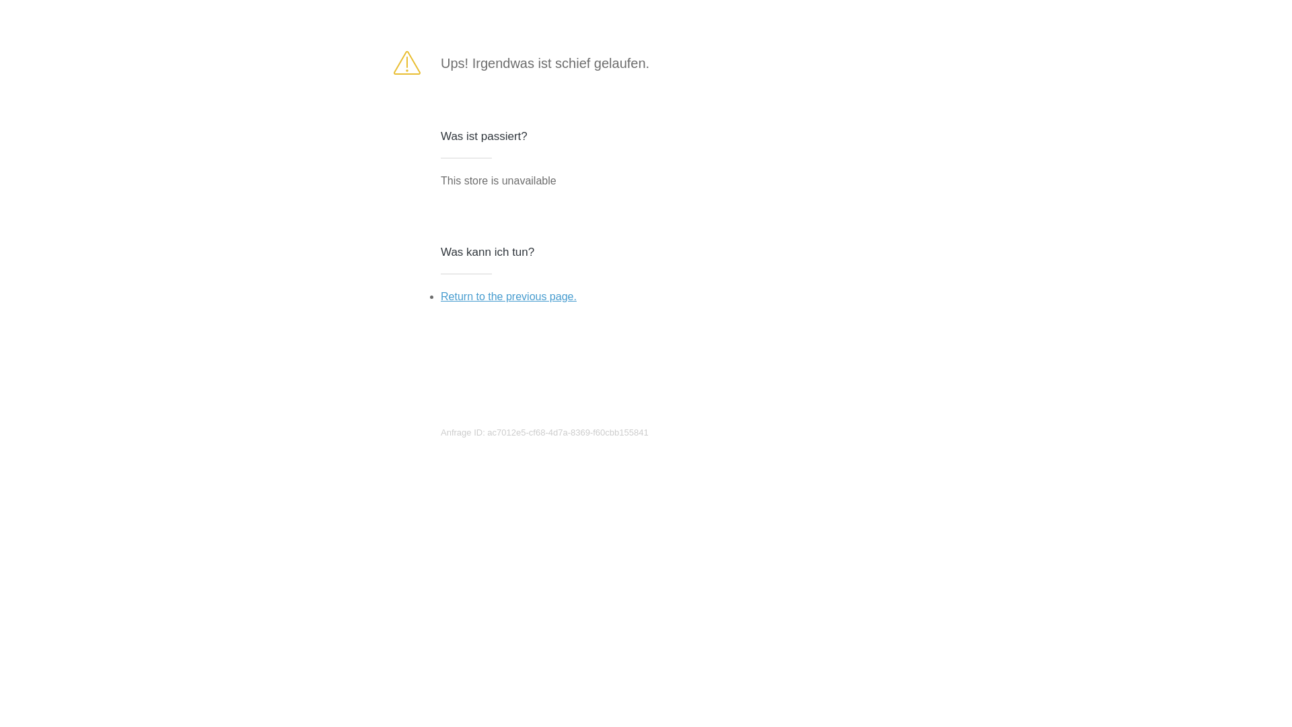 The width and height of the screenshot is (1292, 727). I want to click on 'Return to the previous page.', so click(440, 296).